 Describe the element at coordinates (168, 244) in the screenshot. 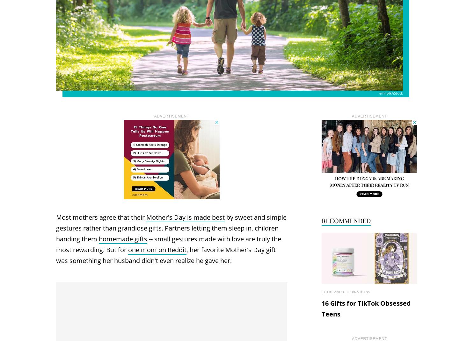

I see `'-- small gestures made with love are truly the most rewarding. But for'` at that location.